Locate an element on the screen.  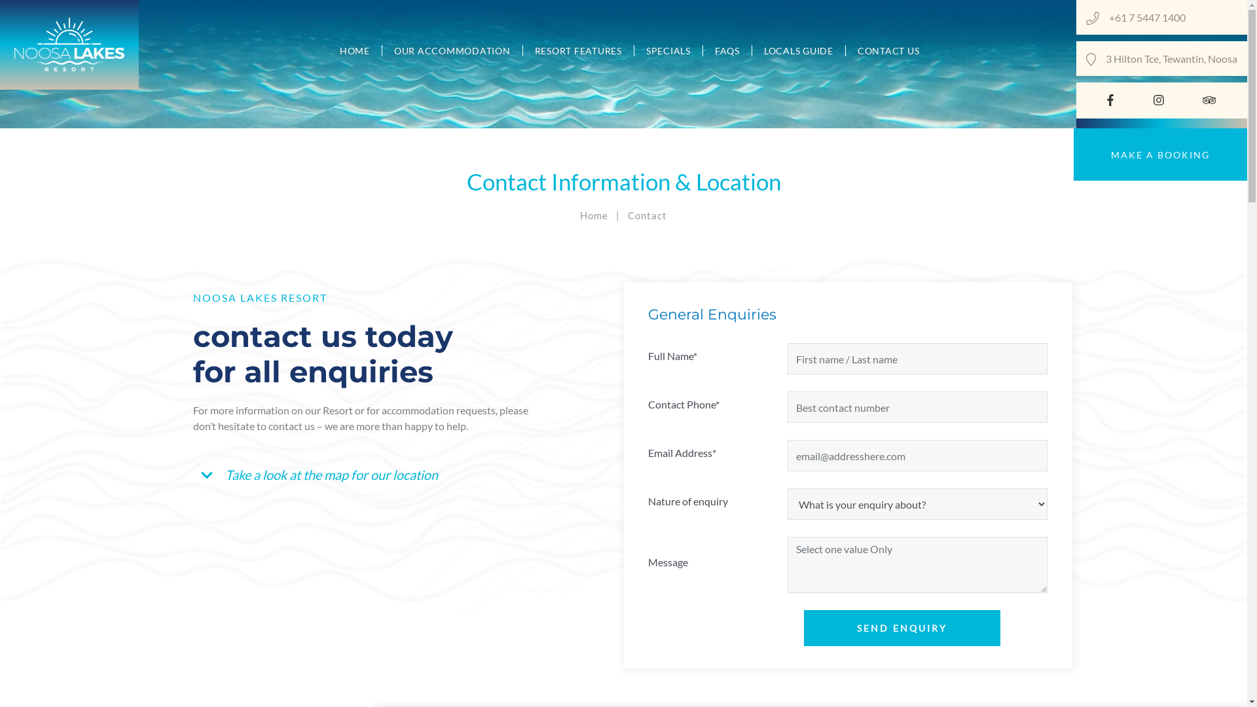
'RESORT FEATURES' is located at coordinates (577, 50).